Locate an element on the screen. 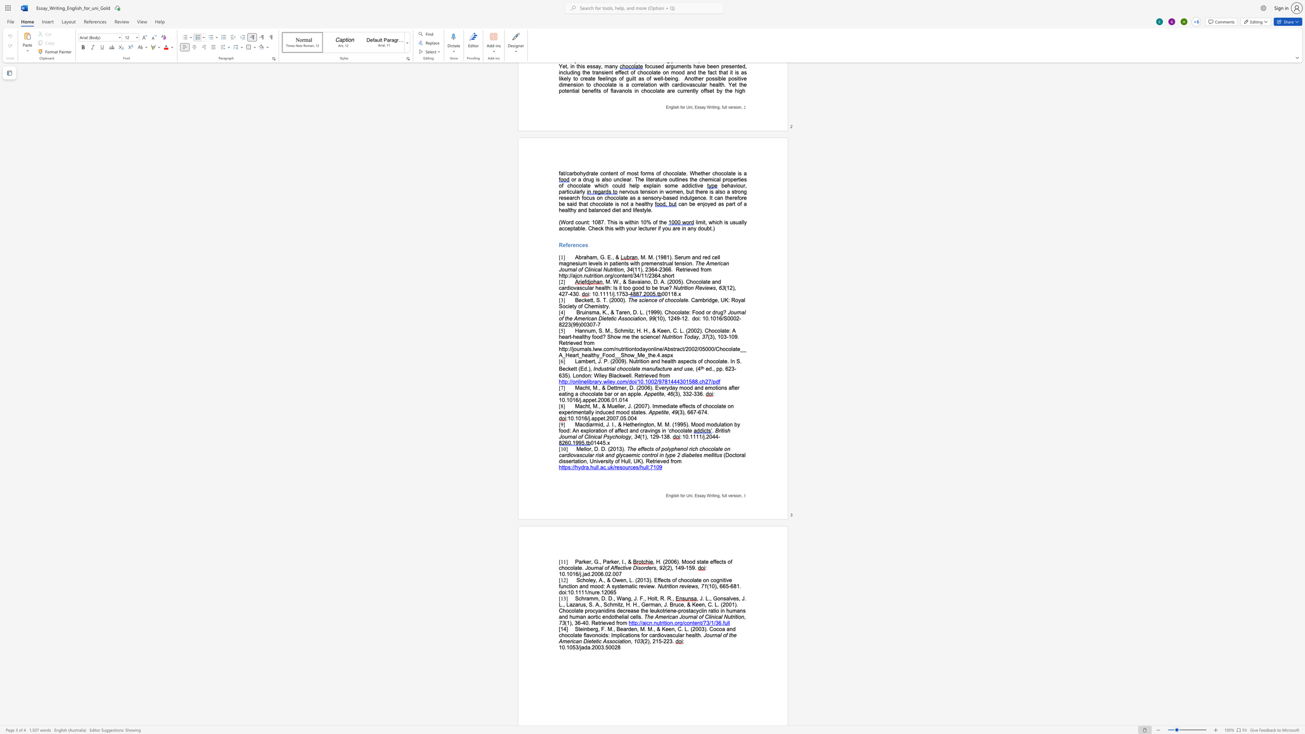  the space between the continuous character "-" and "3" in the text is located at coordinates (694, 393).